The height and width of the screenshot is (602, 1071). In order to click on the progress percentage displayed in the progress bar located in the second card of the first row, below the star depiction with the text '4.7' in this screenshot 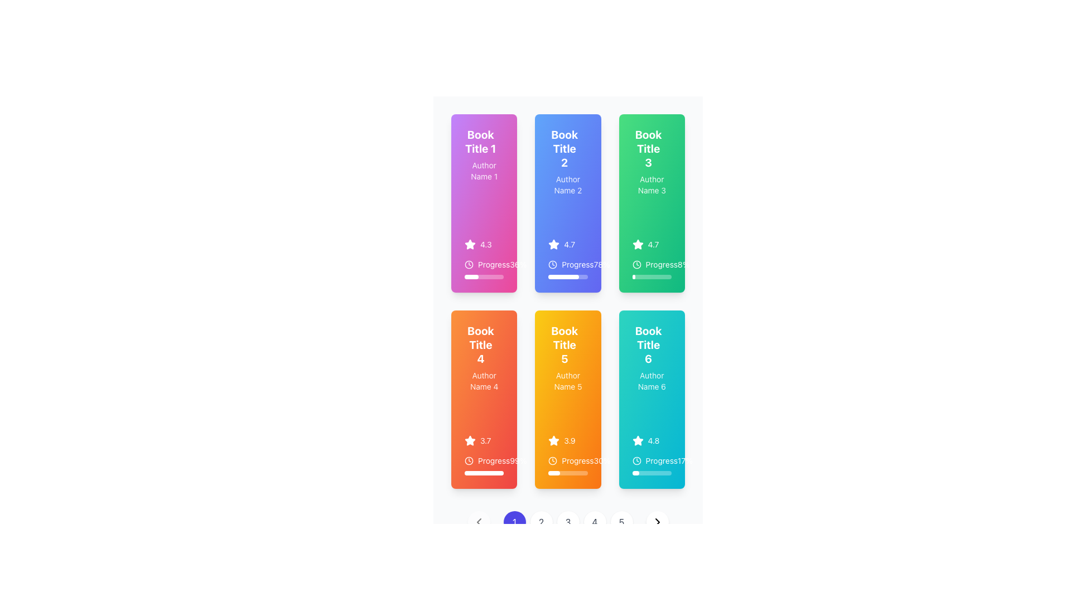, I will do `click(568, 269)`.